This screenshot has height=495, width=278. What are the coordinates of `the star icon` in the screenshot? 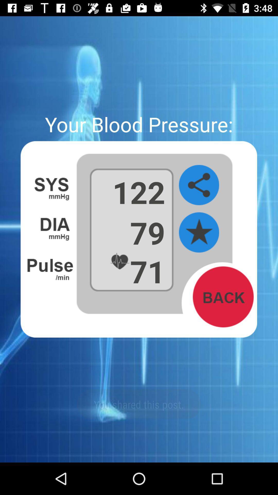 It's located at (199, 232).